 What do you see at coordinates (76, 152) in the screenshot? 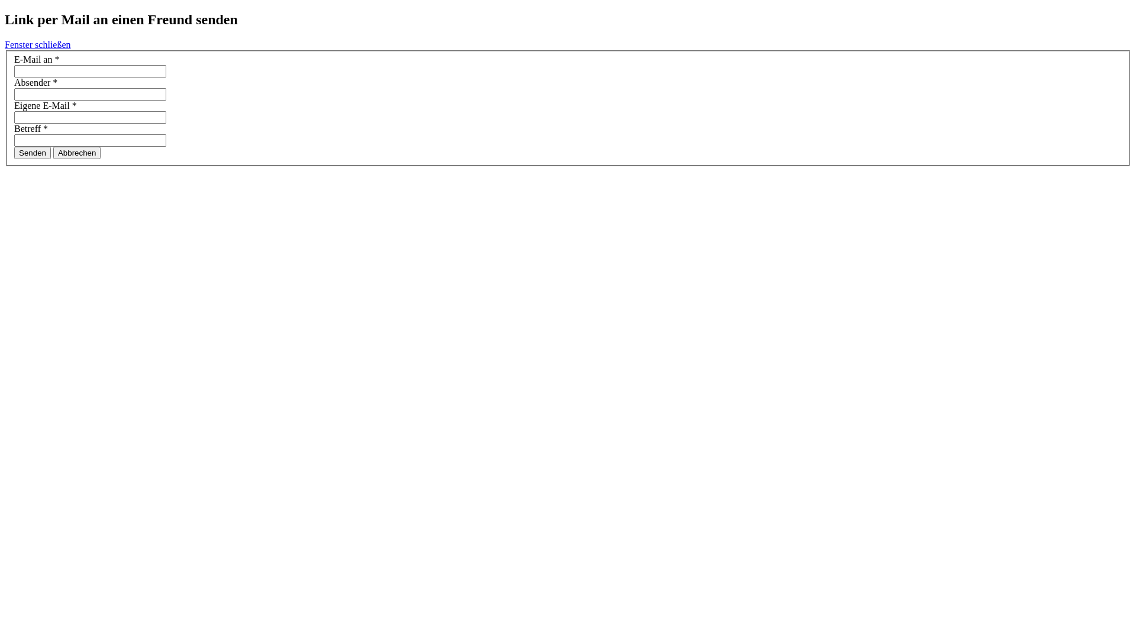
I see `'Abbrechen'` at bounding box center [76, 152].